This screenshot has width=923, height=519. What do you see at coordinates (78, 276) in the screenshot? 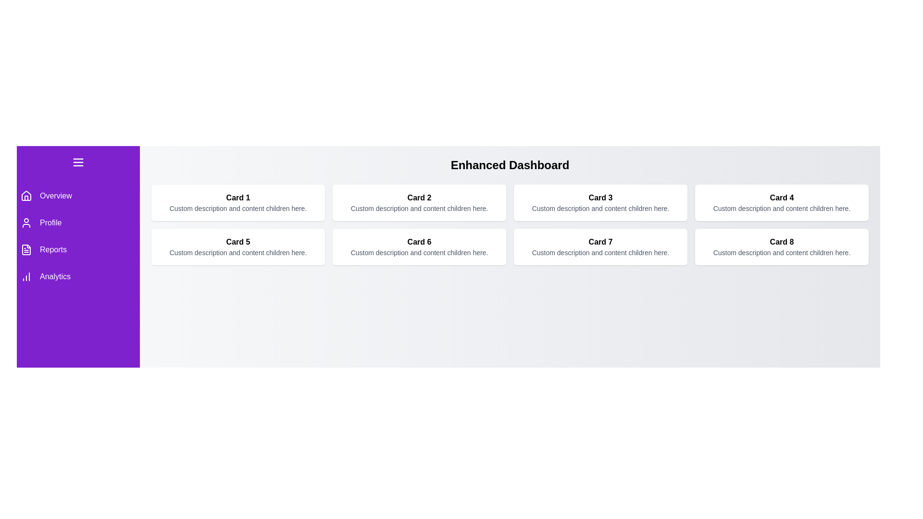
I see `the menu item Analytics to highlight it` at bounding box center [78, 276].